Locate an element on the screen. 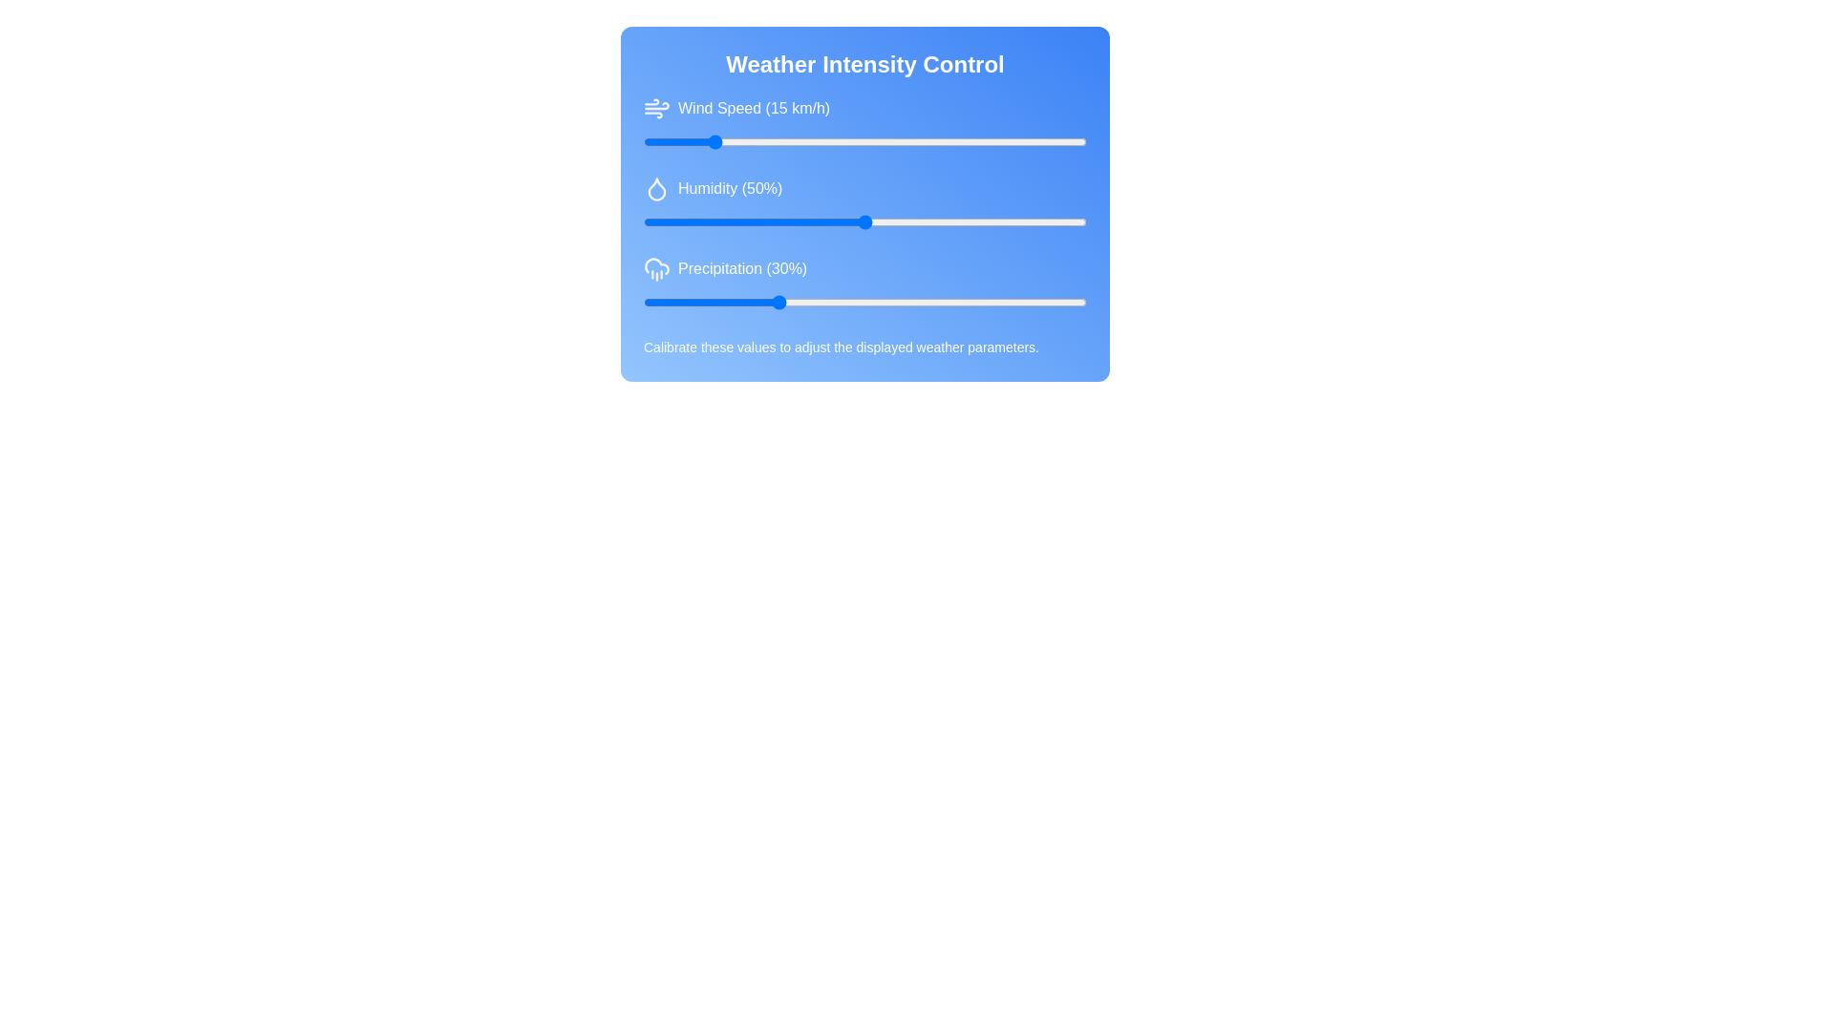 The image size is (1834, 1031). the humidity level is located at coordinates (757, 221).